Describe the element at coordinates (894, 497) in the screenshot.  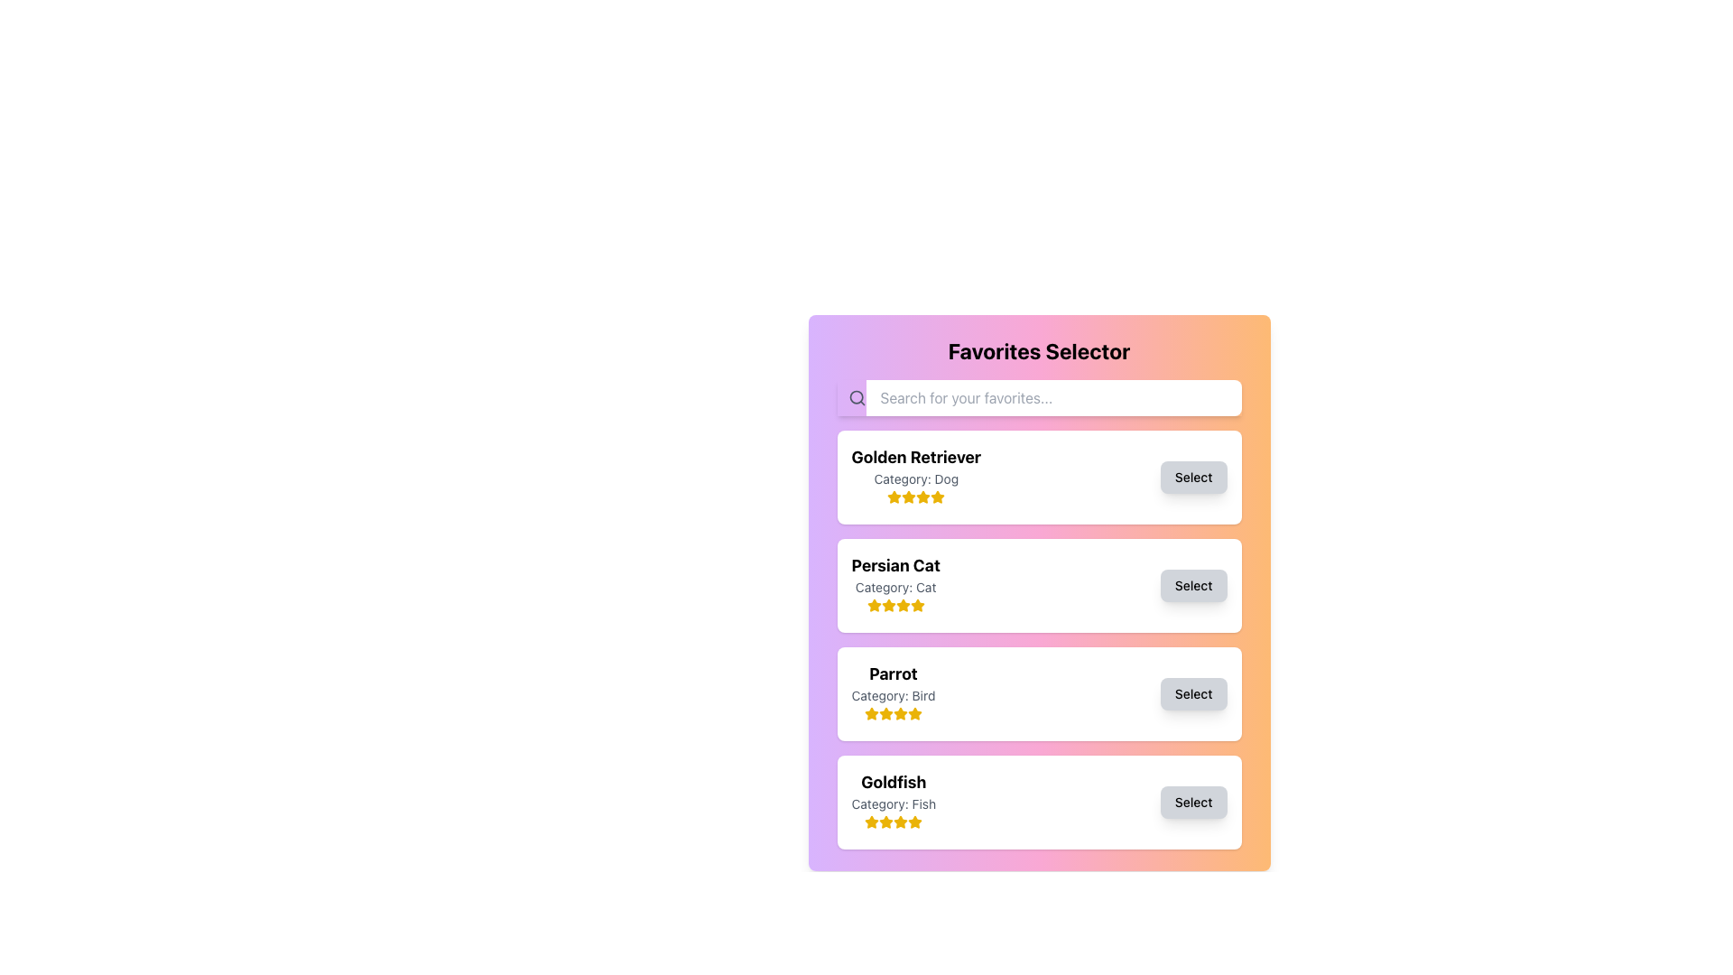
I see `the first yellow star icon representing the rating system located beneath the 'Golden Retriever' title in the first item card` at that location.